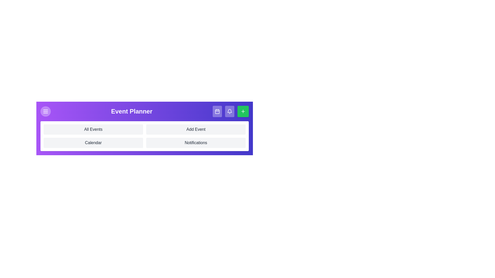 The height and width of the screenshot is (278, 495). I want to click on the menu item Notifications from the displayed options, so click(195, 143).